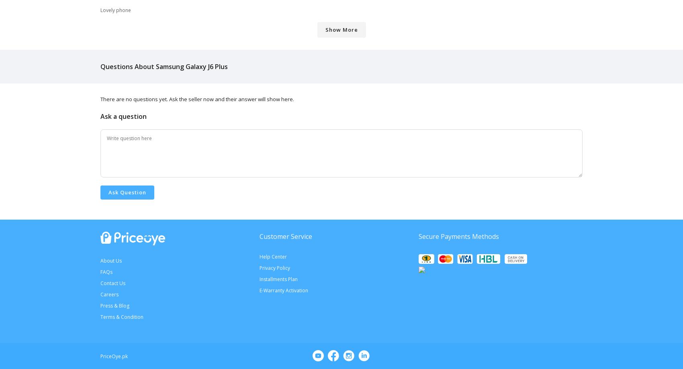  What do you see at coordinates (100, 294) in the screenshot?
I see `'Careers'` at bounding box center [100, 294].